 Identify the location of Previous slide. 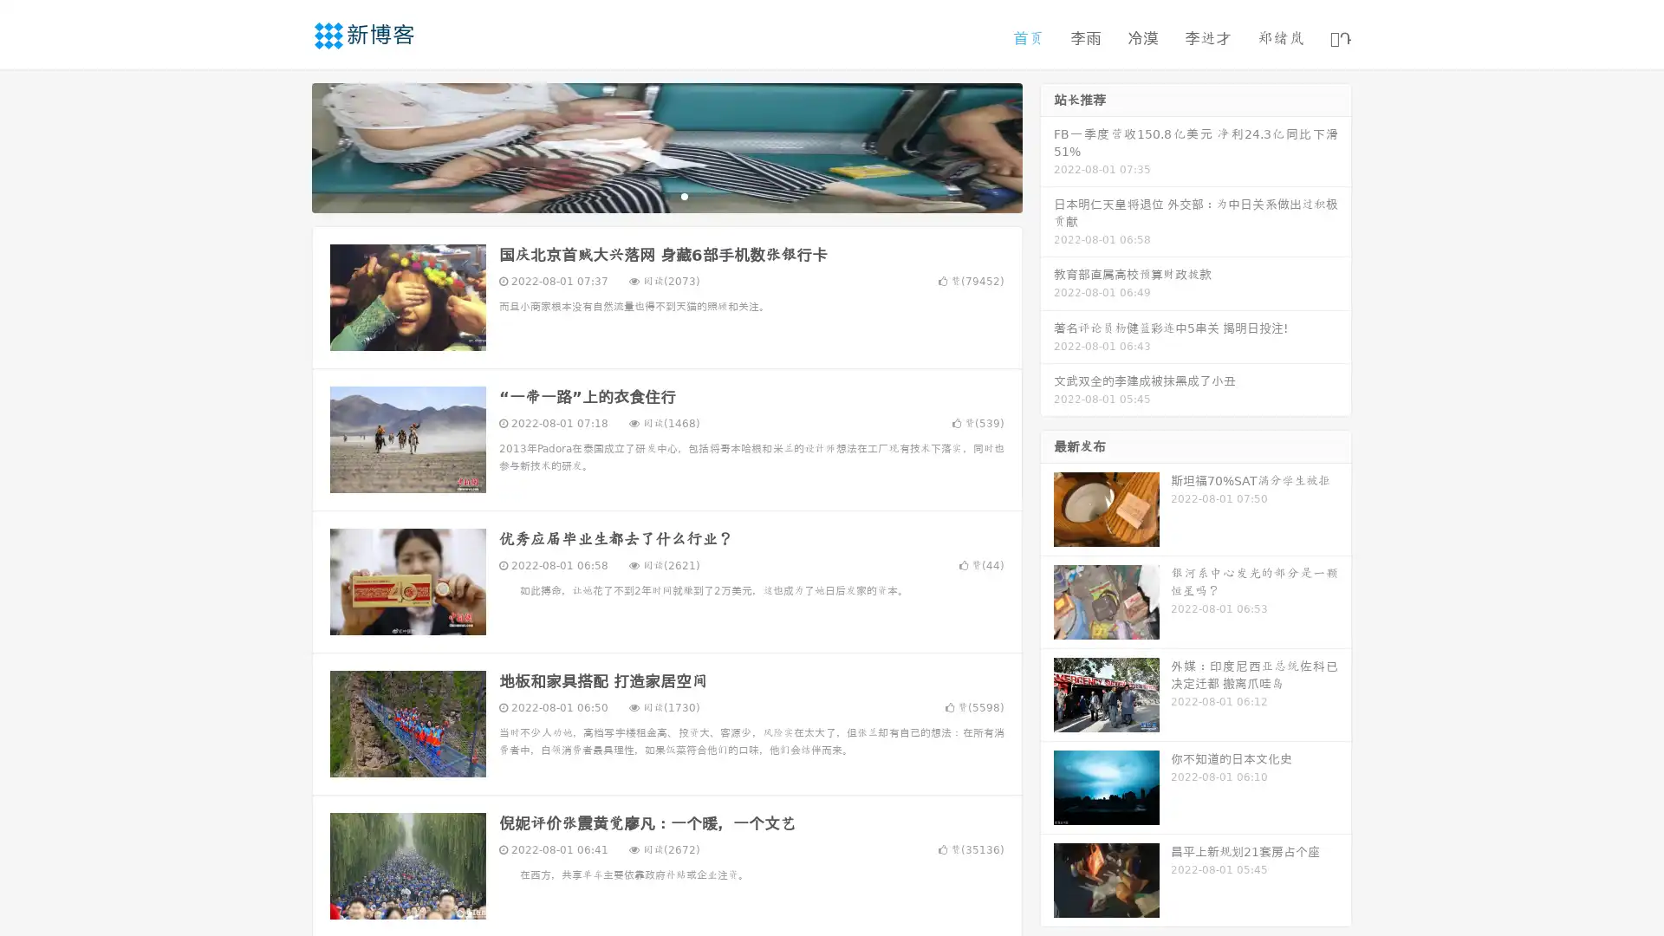
(286, 146).